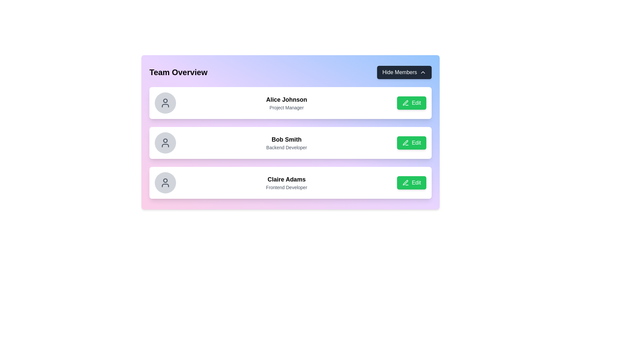 This screenshot has width=639, height=359. I want to click on the 'Edit' button with a green background and a pen icon, located in the far-right position of the user profile card, so click(411, 103).